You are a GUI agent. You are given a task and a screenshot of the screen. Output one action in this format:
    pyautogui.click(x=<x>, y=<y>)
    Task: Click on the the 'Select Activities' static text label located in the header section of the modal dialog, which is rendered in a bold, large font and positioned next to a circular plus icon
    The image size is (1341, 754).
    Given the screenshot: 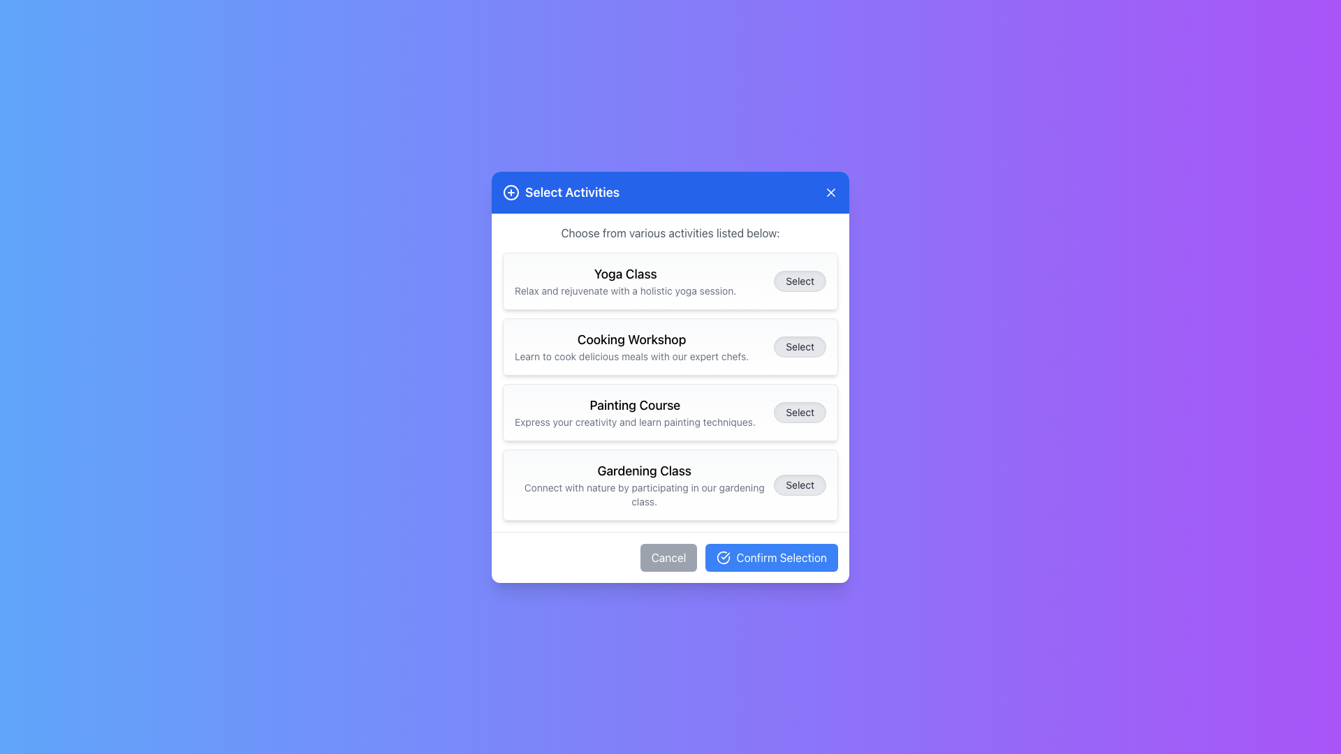 What is the action you would take?
    pyautogui.click(x=572, y=192)
    